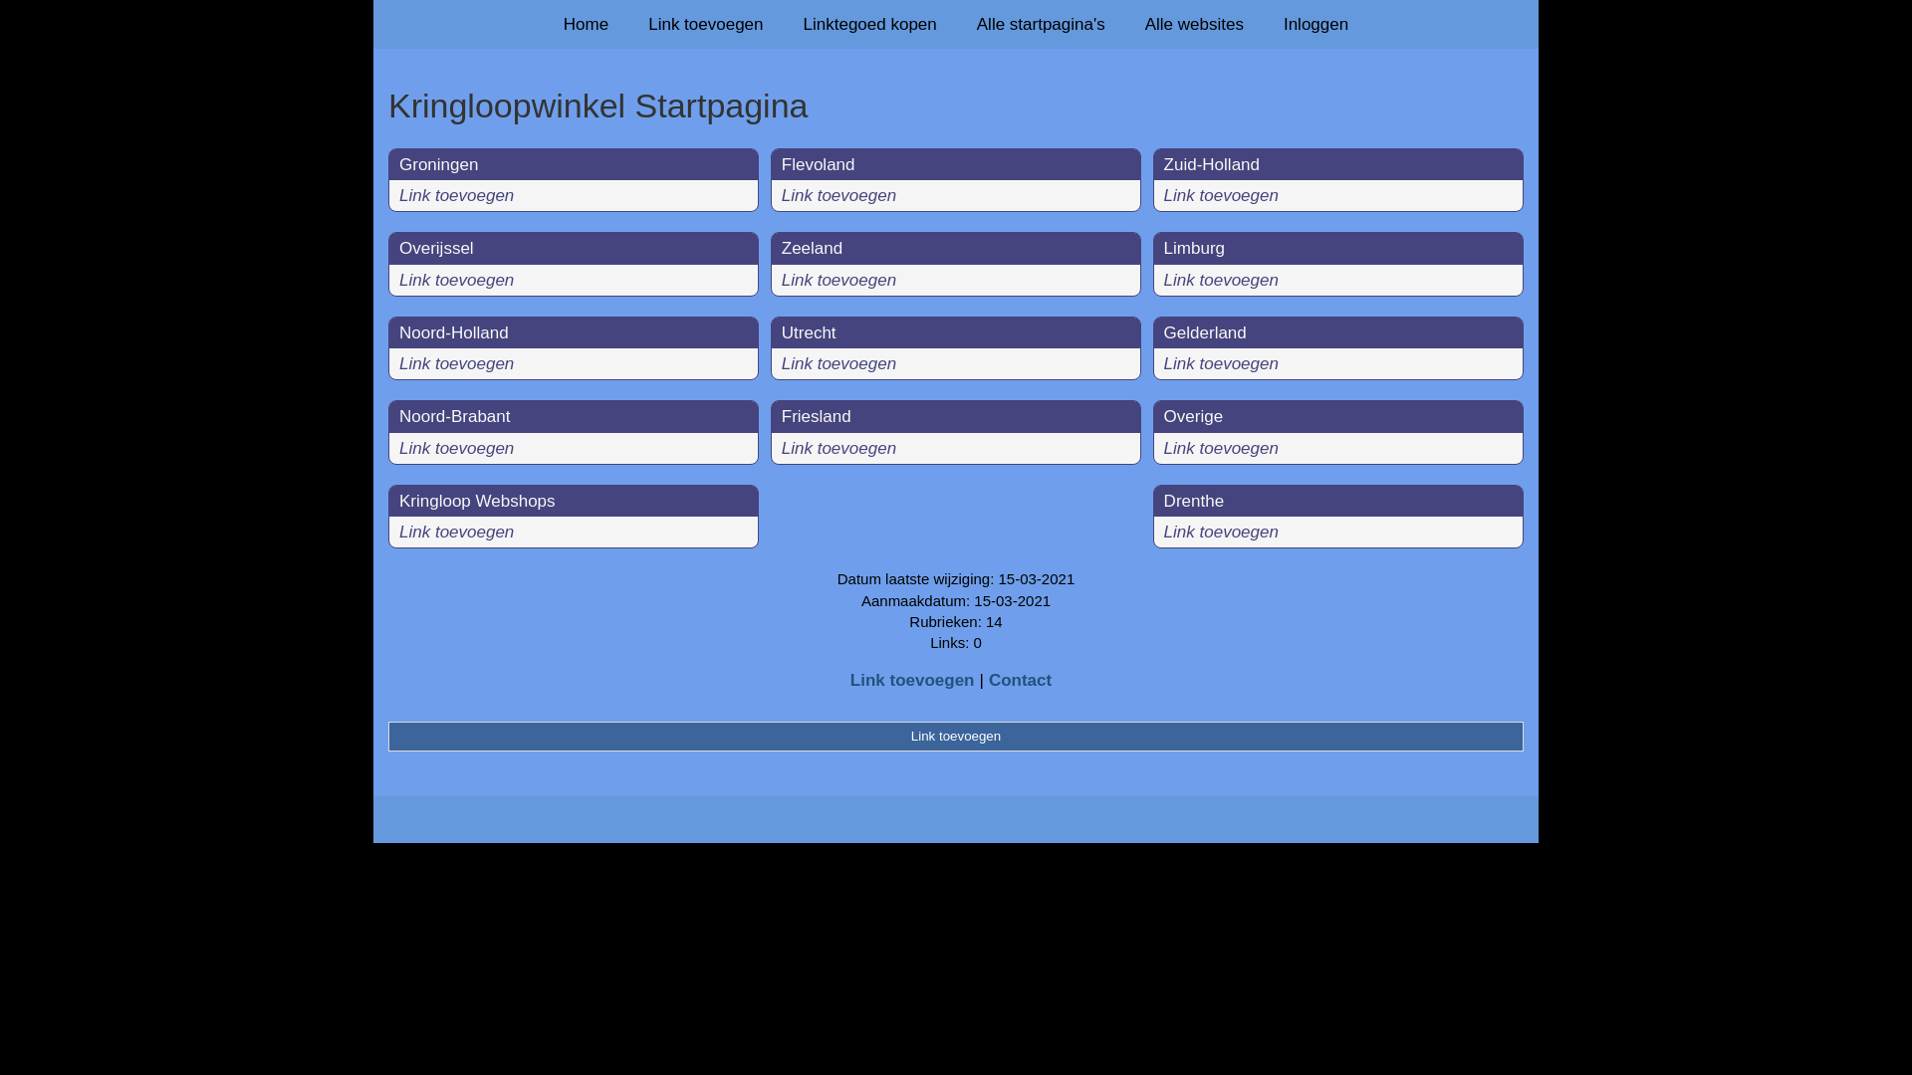  Describe the element at coordinates (1315, 24) in the screenshot. I see `'Inloggen'` at that location.